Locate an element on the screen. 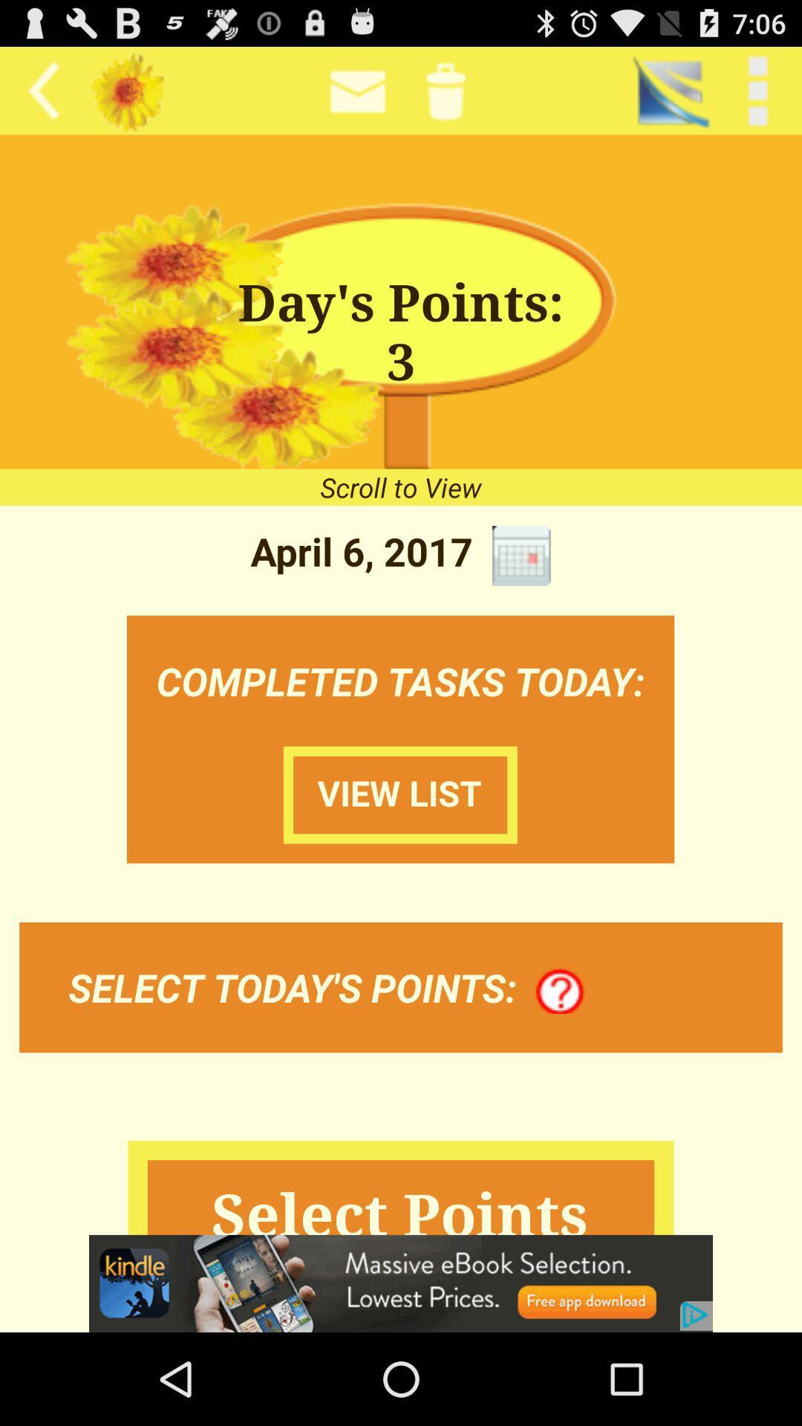 The height and width of the screenshot is (1426, 802). the icon to the right of the select today s item is located at coordinates (560, 992).